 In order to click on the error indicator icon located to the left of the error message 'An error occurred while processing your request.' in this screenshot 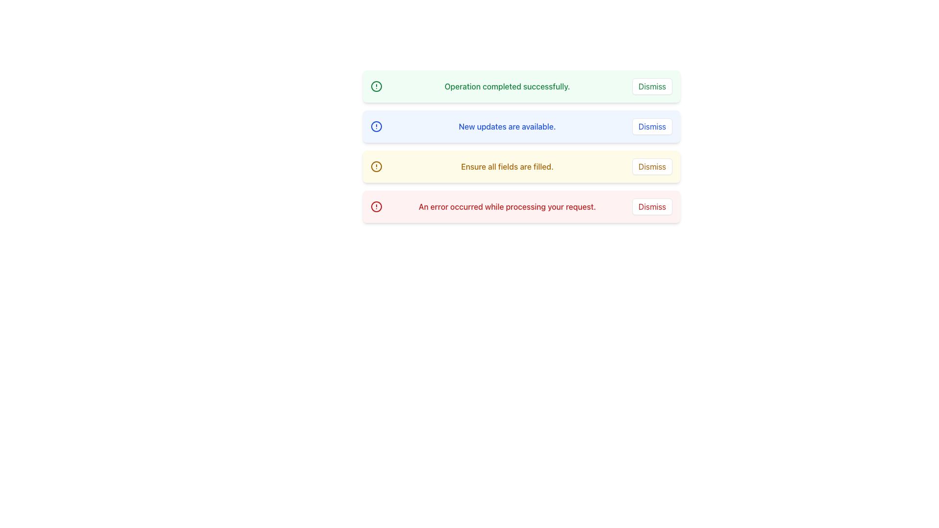, I will do `click(376, 206)`.